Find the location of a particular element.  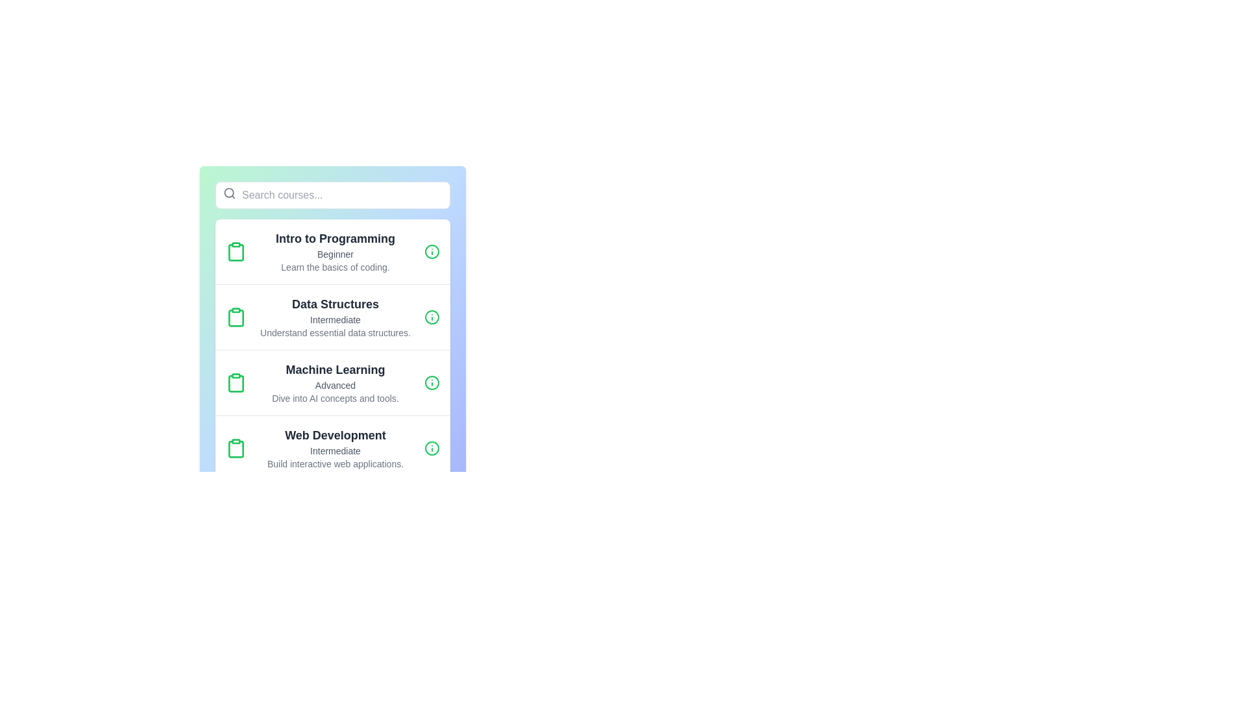

the graphical icon located to the left of the 'Data Structures' list item, which serves as a visual cue for that topic is located at coordinates (236, 317).